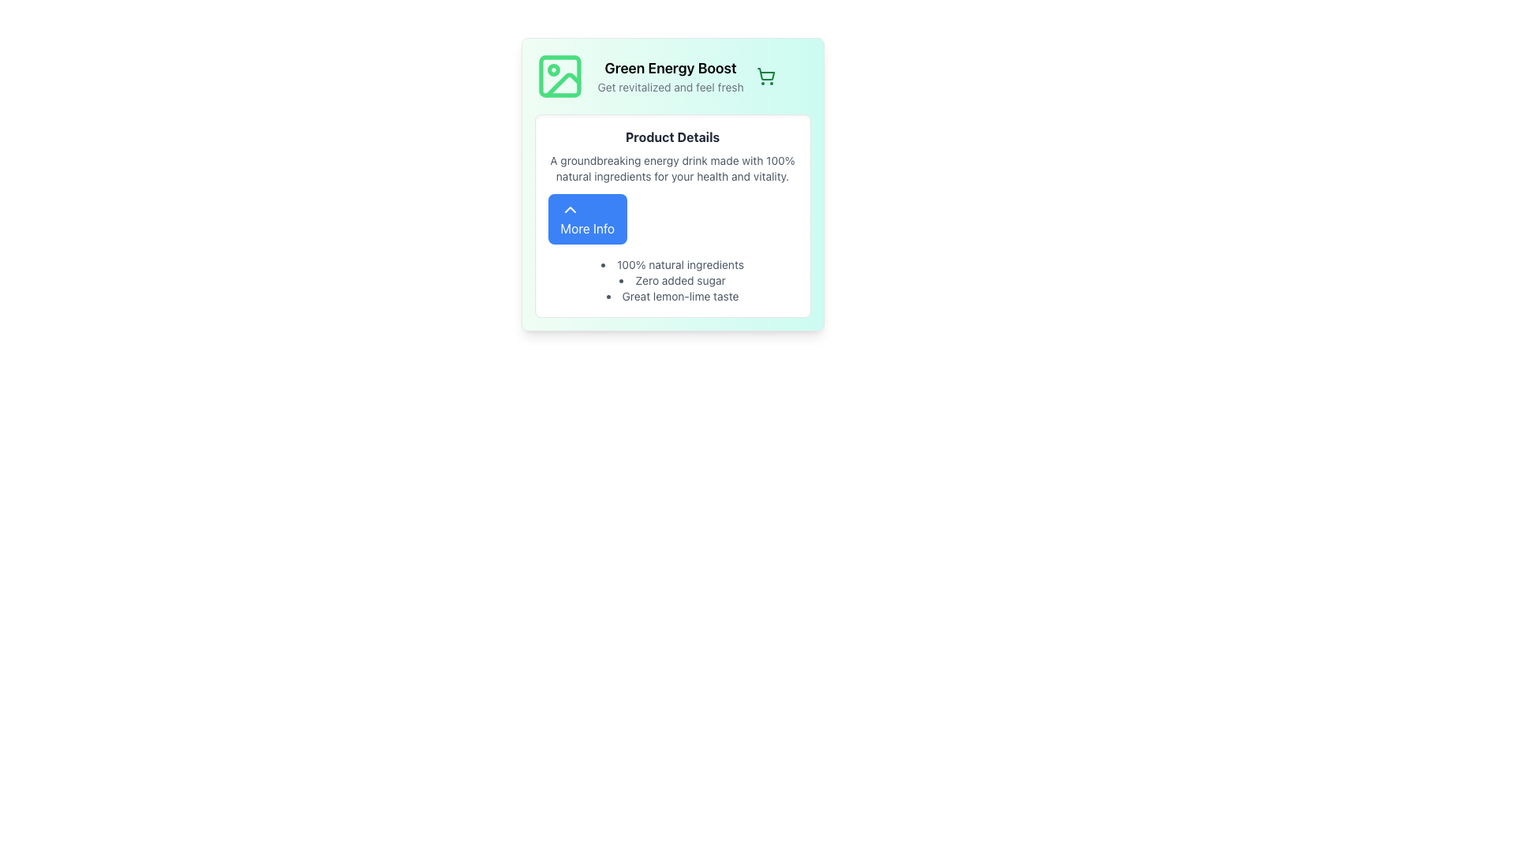 Image resolution: width=1515 pixels, height=852 pixels. Describe the element at coordinates (672, 296) in the screenshot. I see `the third list item in the 'Product Details' section that conveys information about the product's taste quality` at that location.